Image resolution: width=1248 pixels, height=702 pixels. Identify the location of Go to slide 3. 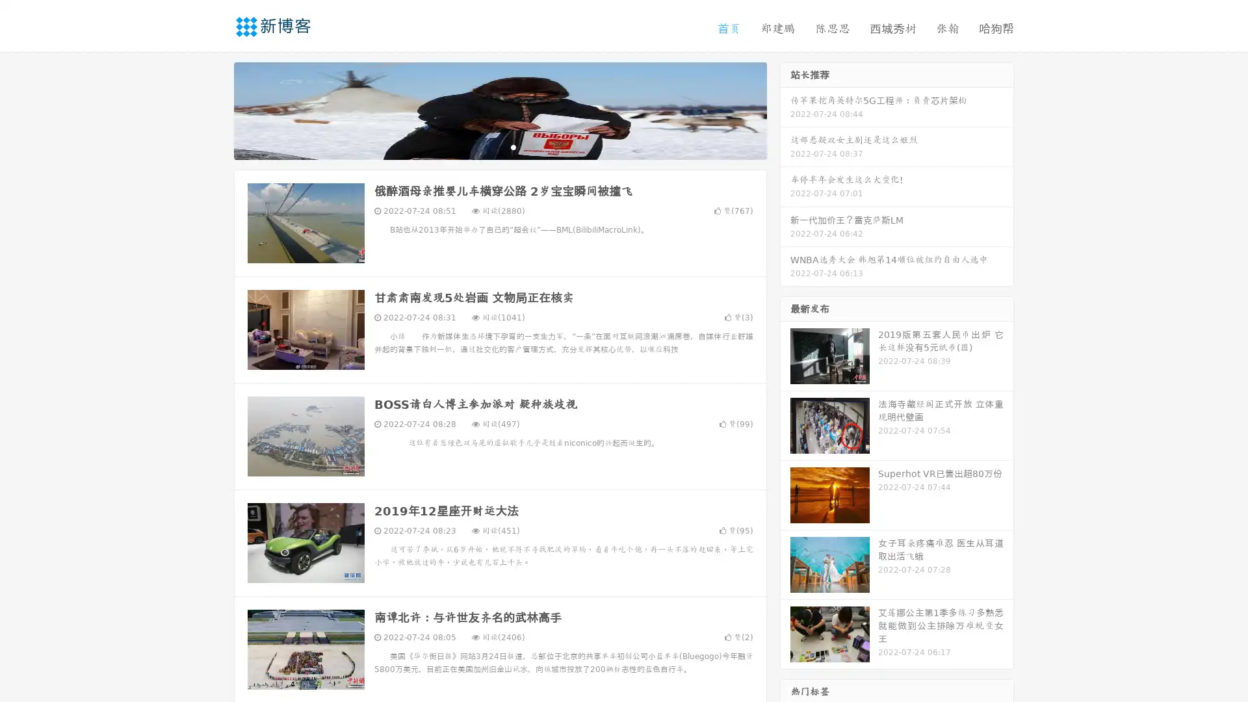
(513, 146).